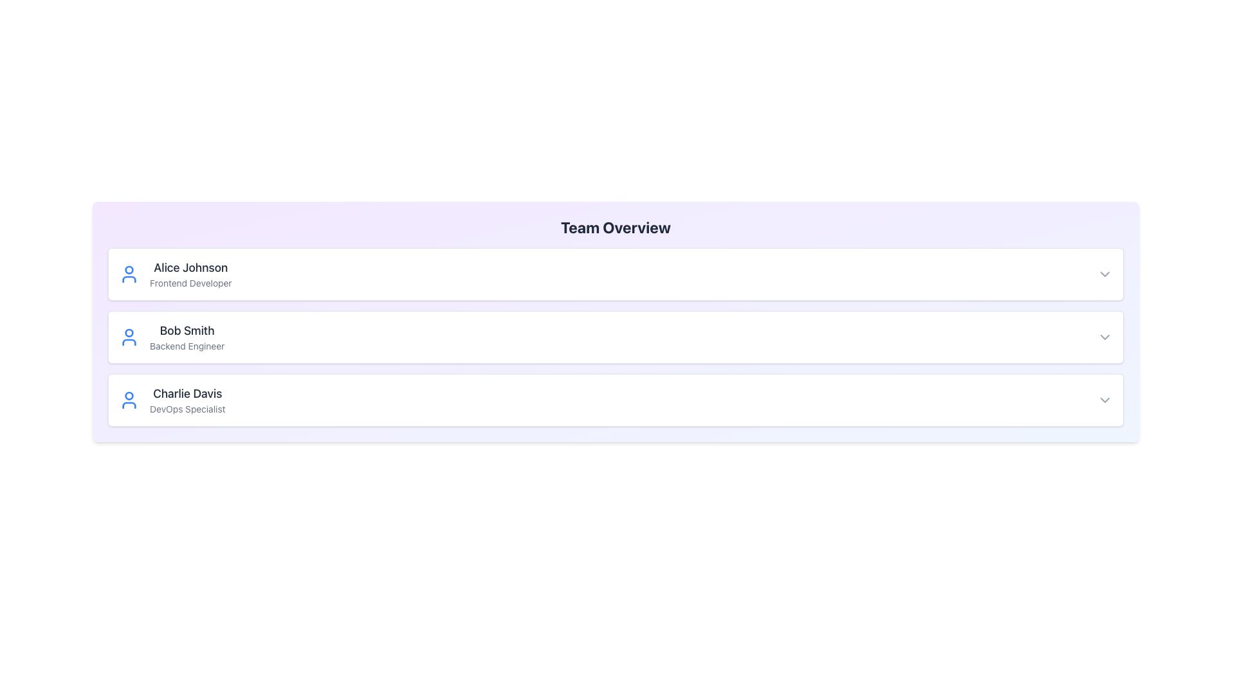 This screenshot has width=1235, height=694. What do you see at coordinates (1104, 336) in the screenshot?
I see `the small gray downward arrow icon located at the far right end of the horizontal bar associated with 'Bob Smith'` at bounding box center [1104, 336].